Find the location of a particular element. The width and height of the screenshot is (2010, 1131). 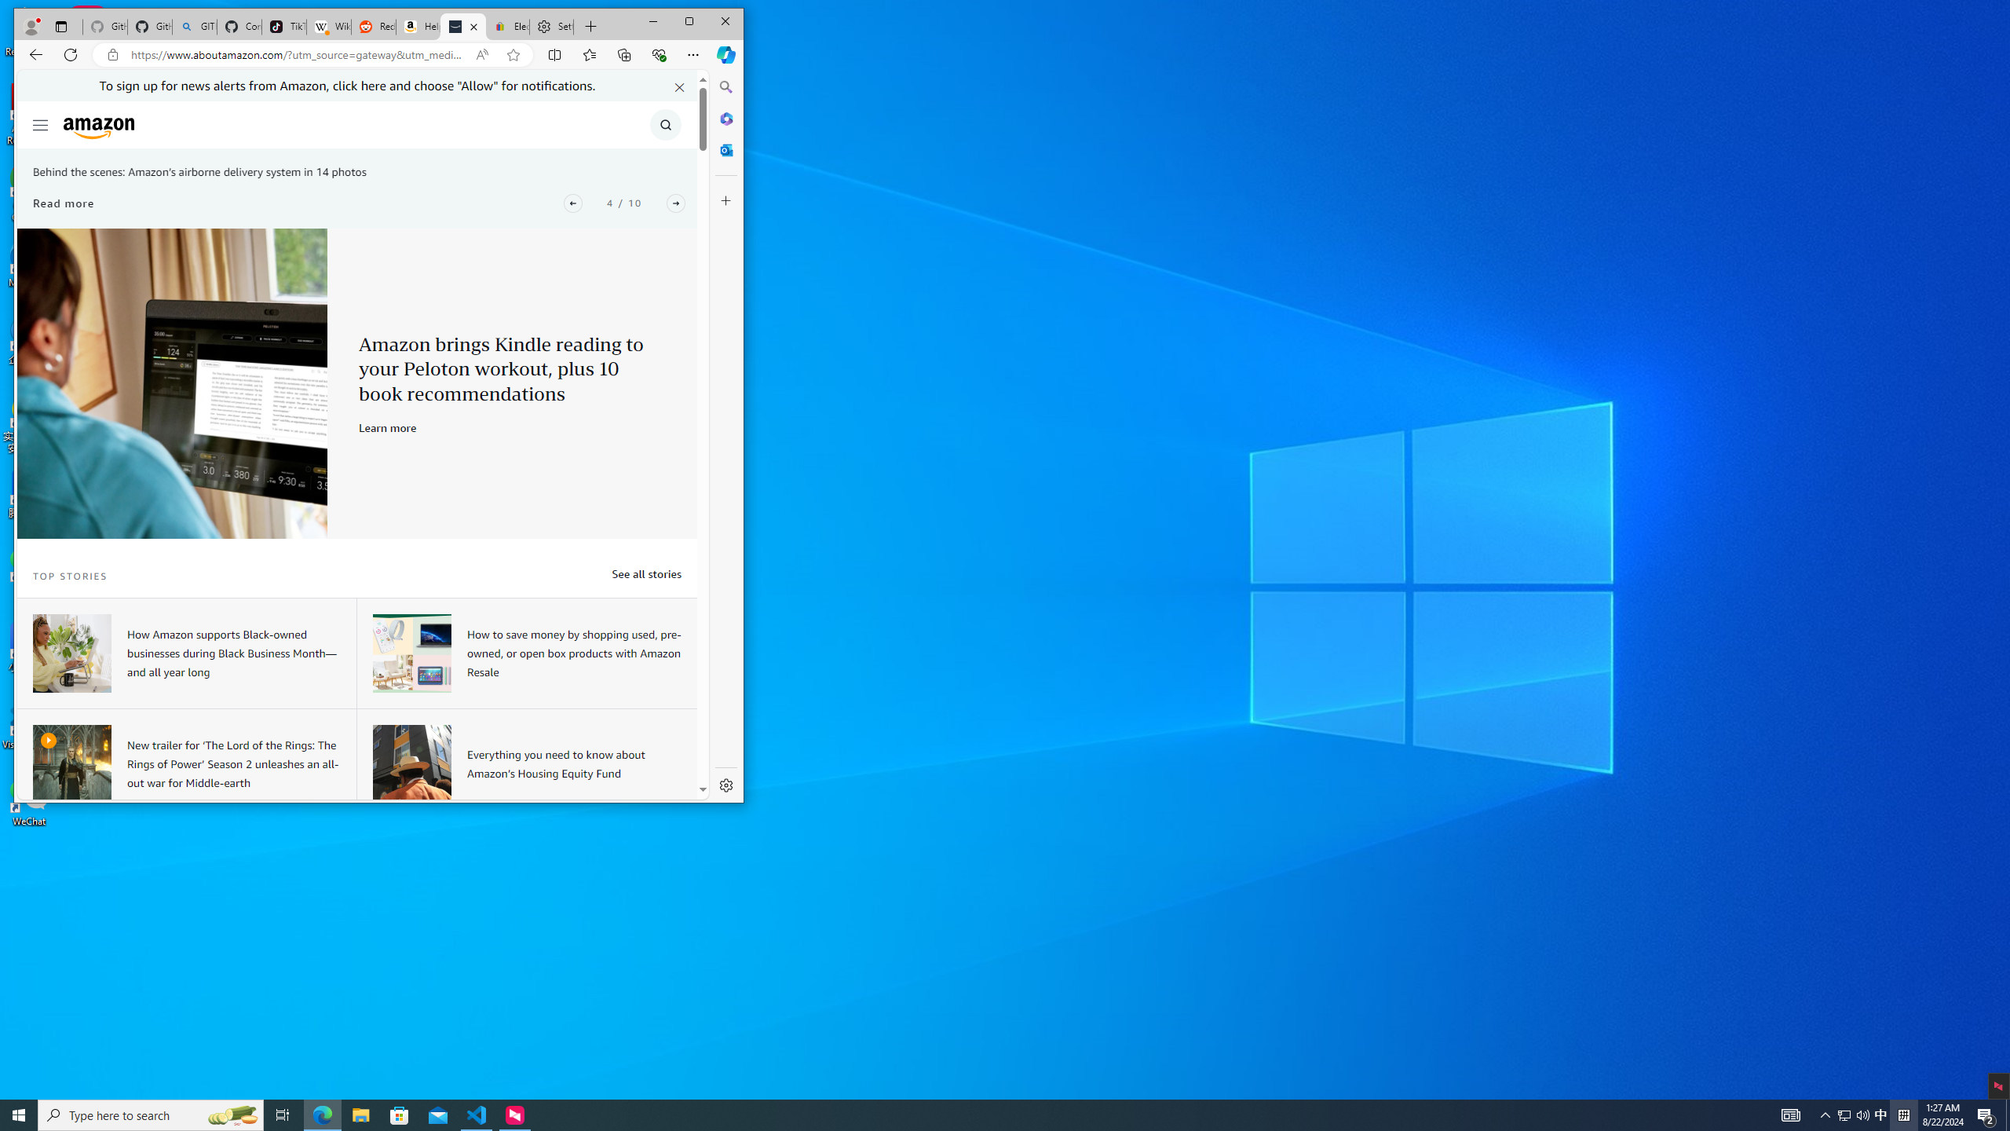

'Task View' is located at coordinates (281, 1114).